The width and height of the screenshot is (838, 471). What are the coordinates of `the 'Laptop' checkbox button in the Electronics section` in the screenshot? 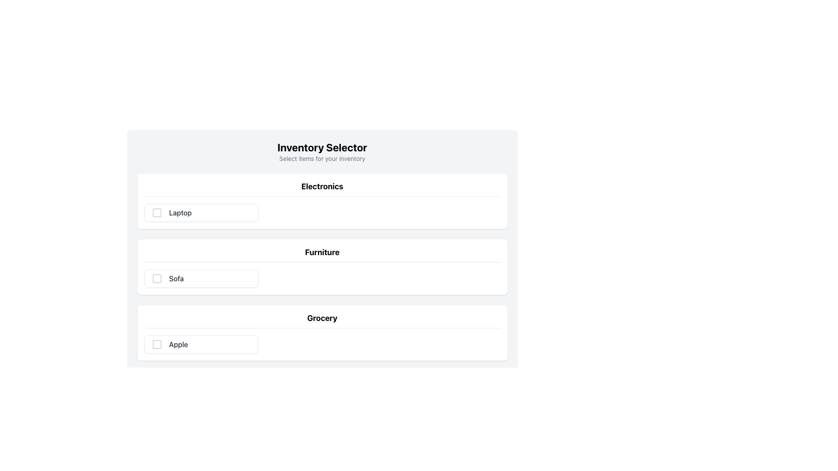 It's located at (201, 213).